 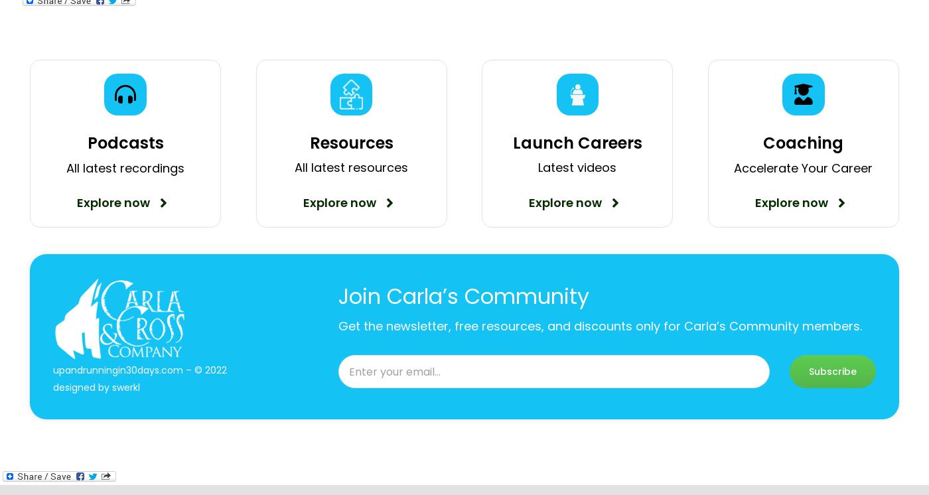 I want to click on 'Launch Careers', so click(x=576, y=142).